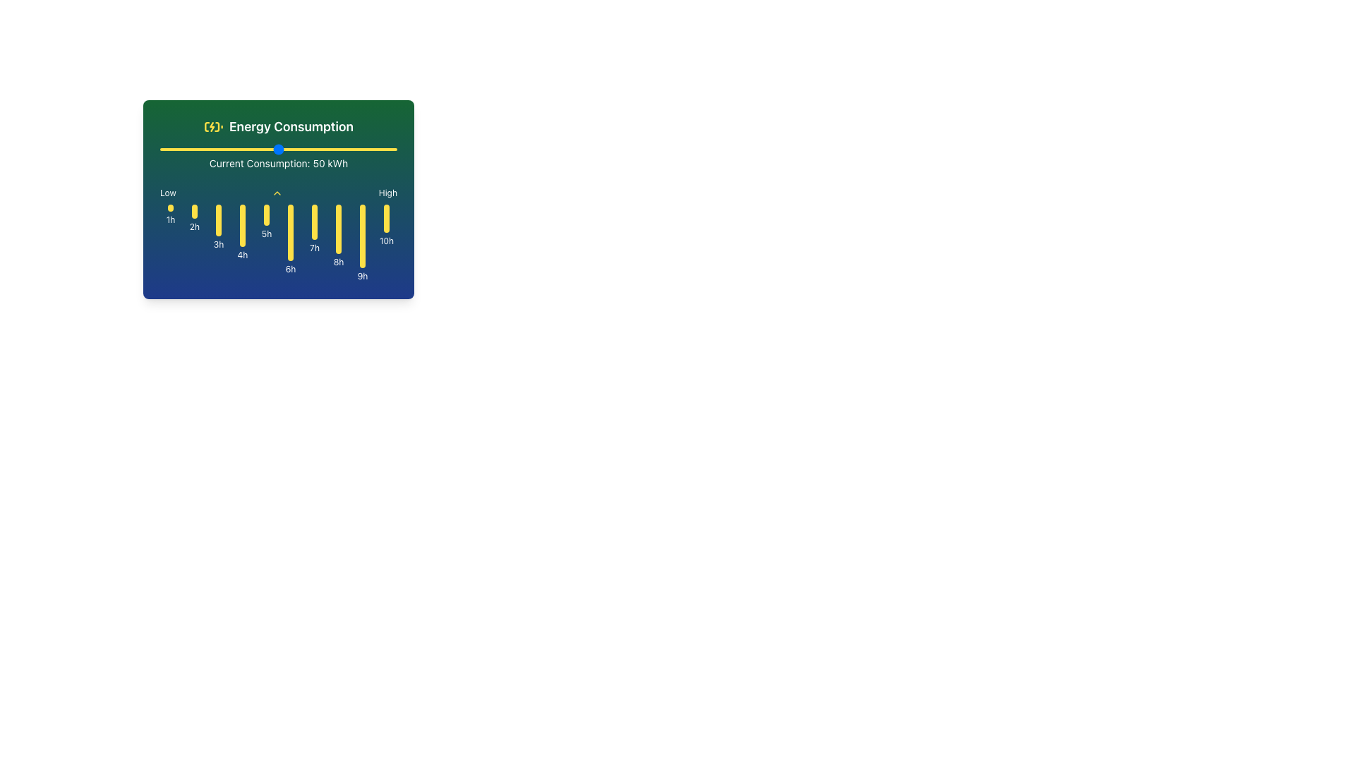 This screenshot has width=1355, height=762. I want to click on the fourth graphical data bar representing the 4-hour mark in the time series chart, so click(243, 242).